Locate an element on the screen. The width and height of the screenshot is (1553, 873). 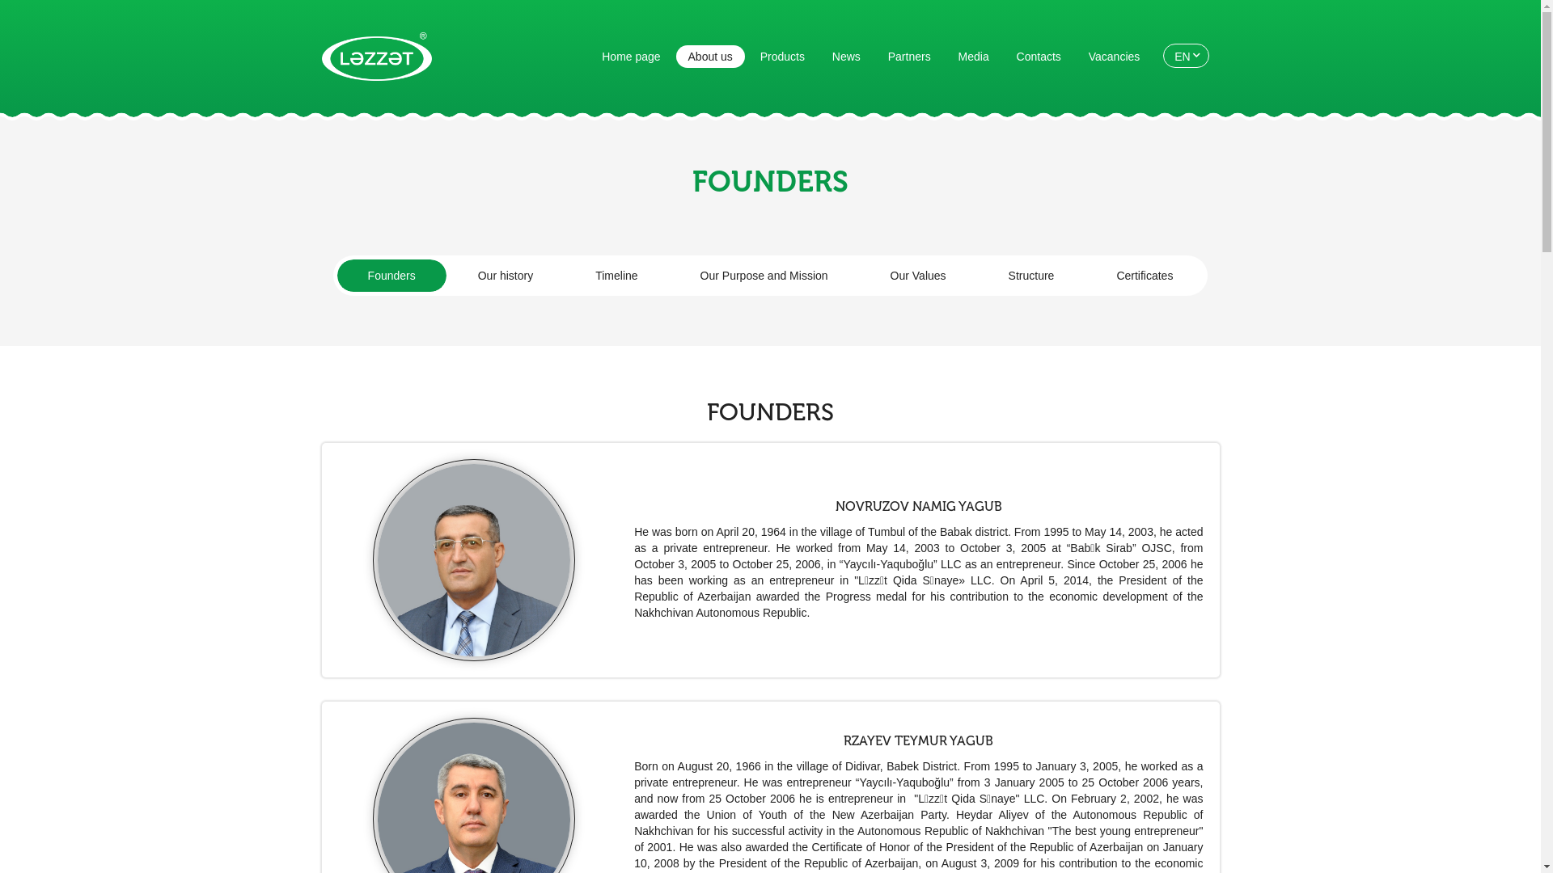
'News' is located at coordinates (819, 55).